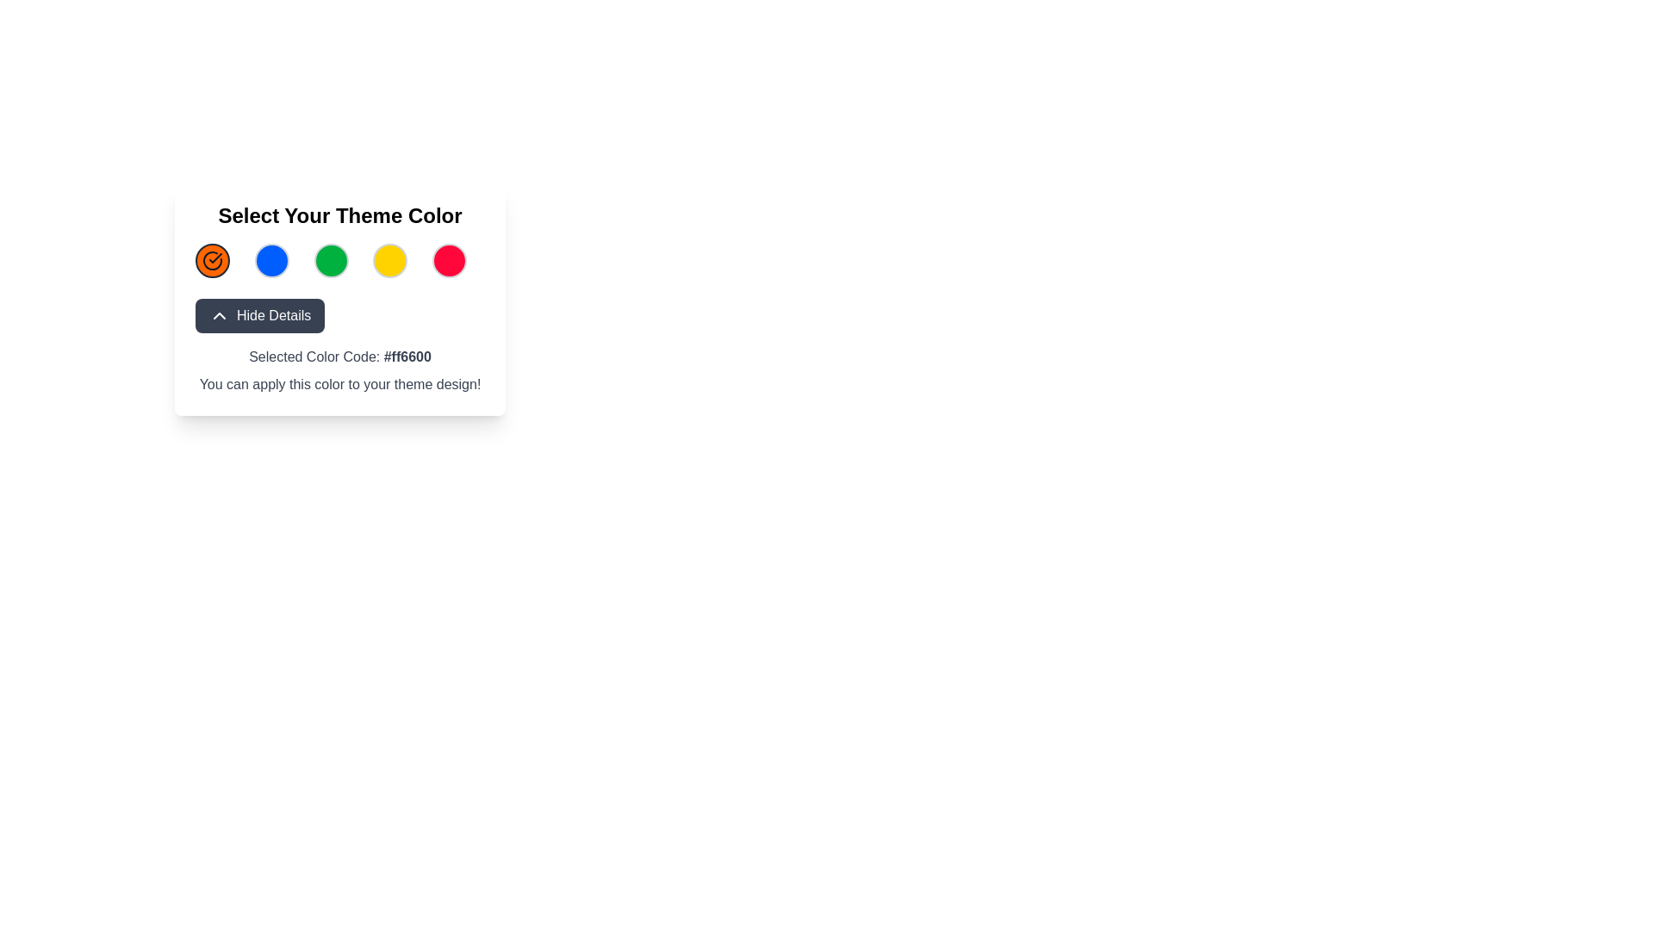 Image resolution: width=1654 pixels, height=930 pixels. What do you see at coordinates (211, 261) in the screenshot?
I see `the circular selection button for choosing the orange color theme, which is the first button in a row of five circular icons under the heading 'Select Your Theme Color'` at bounding box center [211, 261].